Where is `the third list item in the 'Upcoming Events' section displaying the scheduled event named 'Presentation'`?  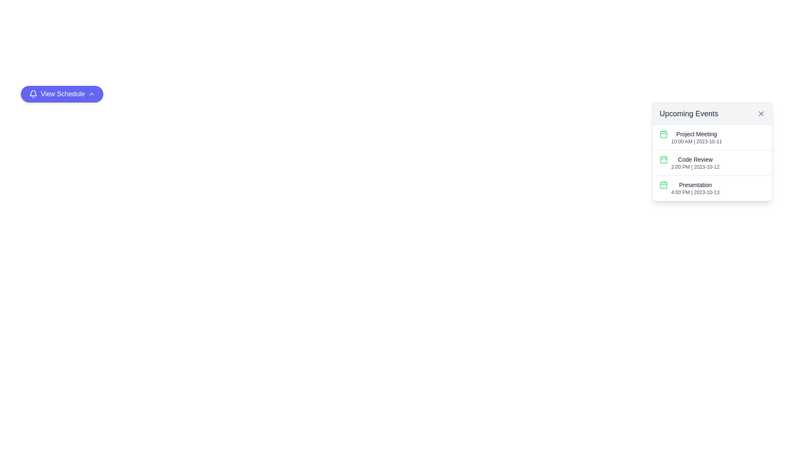 the third list item in the 'Upcoming Events' section displaying the scheduled event named 'Presentation' is located at coordinates (712, 188).